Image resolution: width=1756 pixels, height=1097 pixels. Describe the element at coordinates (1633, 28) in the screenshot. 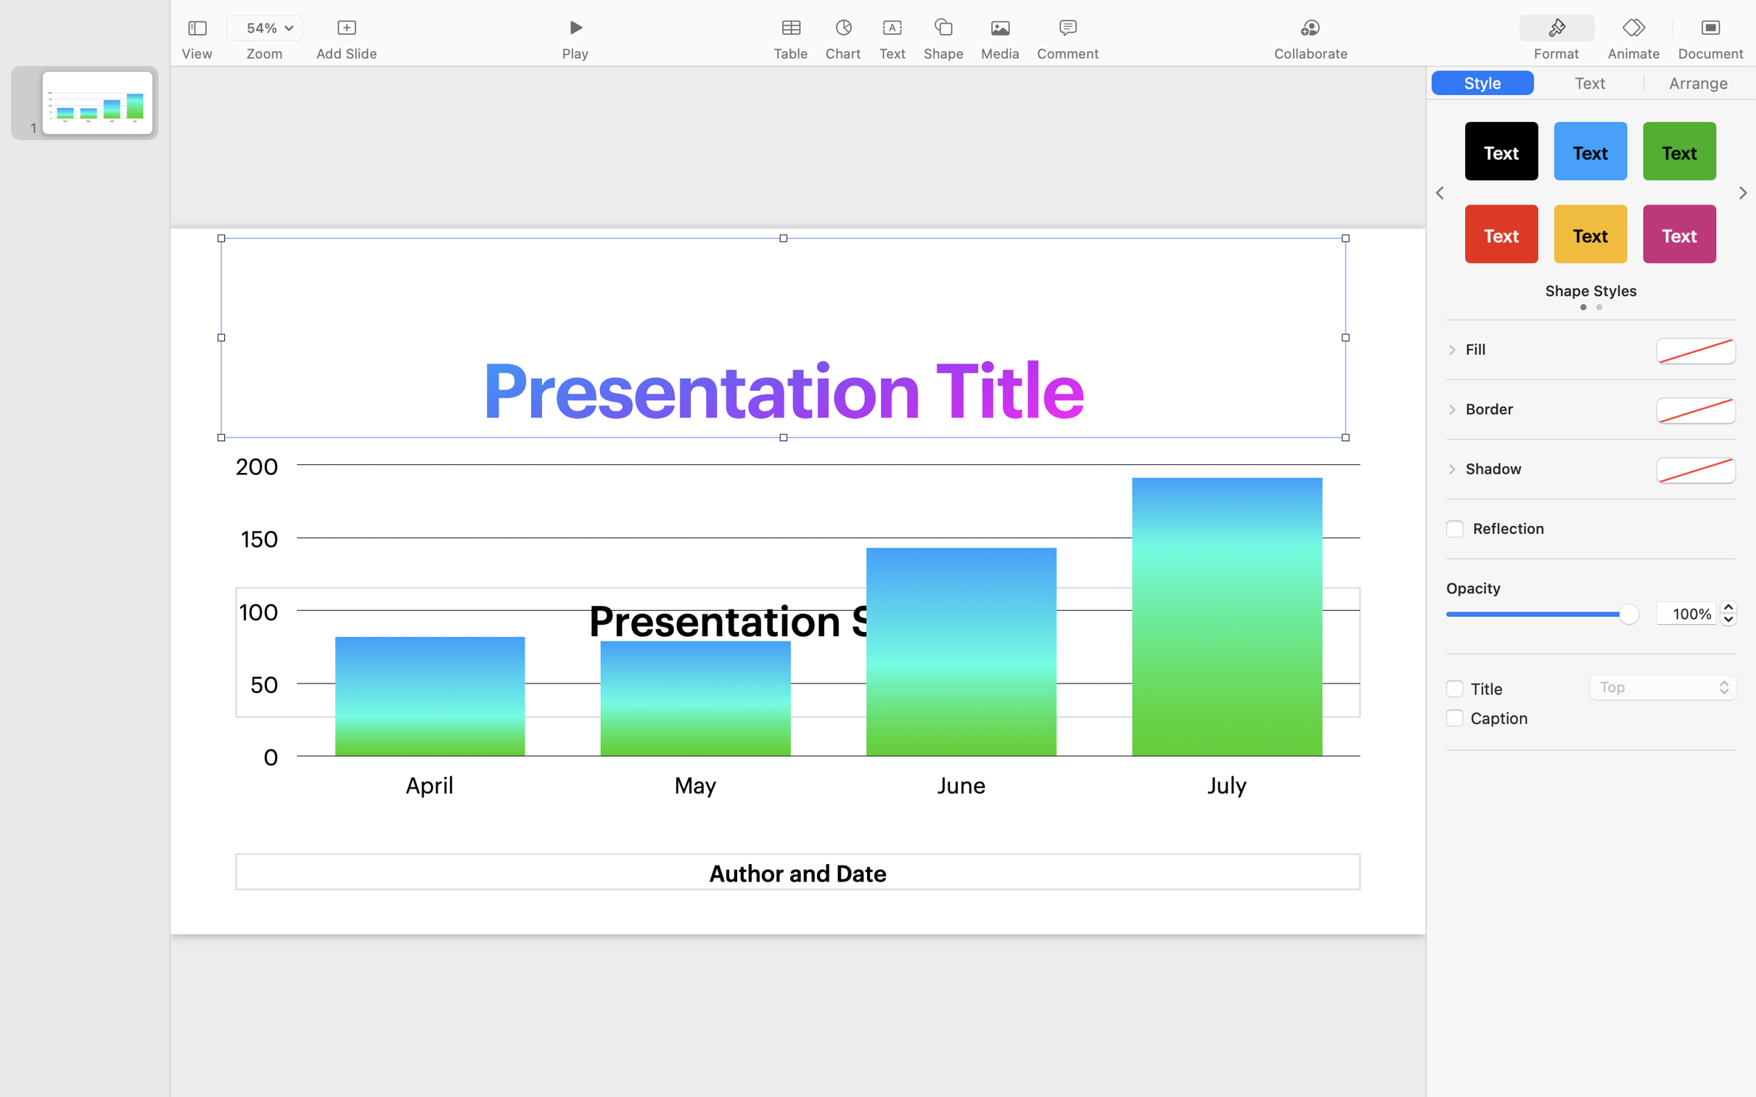

I see `'<AXUIElement 0x2a41f9e50> {pid=1697}'` at that location.